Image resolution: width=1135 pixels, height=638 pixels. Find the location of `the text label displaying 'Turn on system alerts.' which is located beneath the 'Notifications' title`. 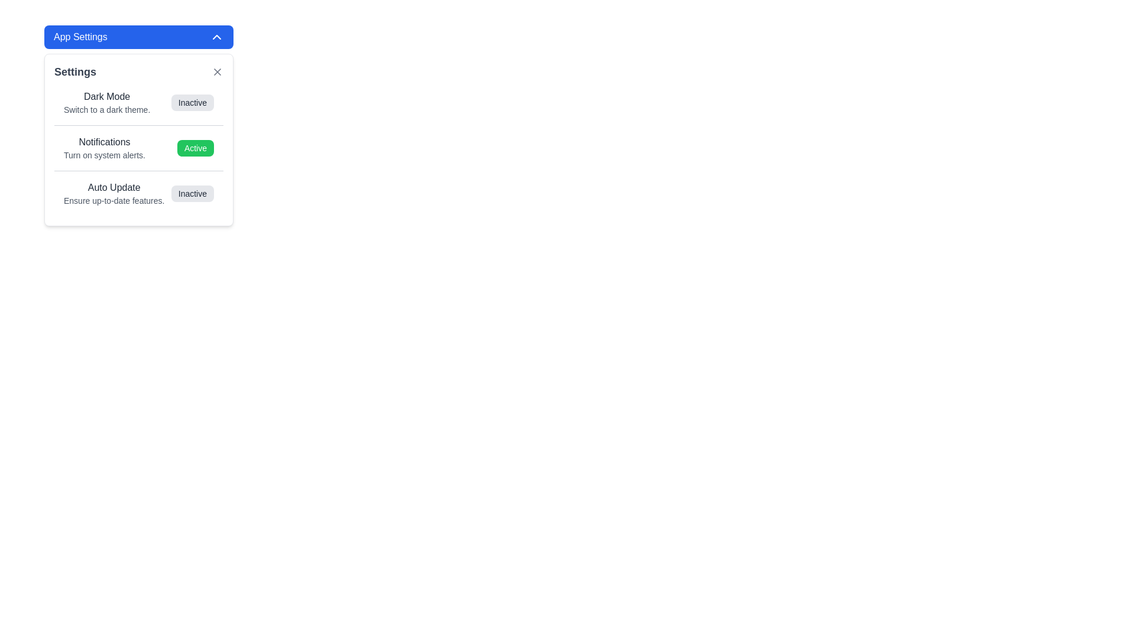

the text label displaying 'Turn on system alerts.' which is located beneath the 'Notifications' title is located at coordinates (105, 154).